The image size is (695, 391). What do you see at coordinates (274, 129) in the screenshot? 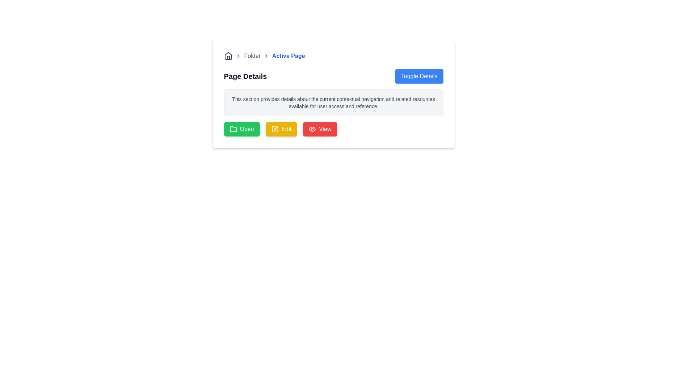
I see `the pencil icon with a yellow background inside the 'Edit' button, which is the second button in the row of buttons at the bottom of the card` at bounding box center [274, 129].